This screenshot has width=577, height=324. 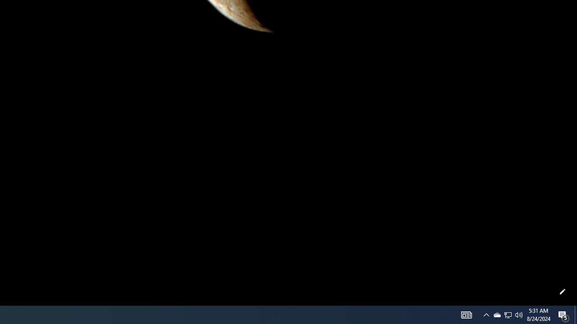 What do you see at coordinates (508, 314) in the screenshot?
I see `'Notification Chevron'` at bounding box center [508, 314].